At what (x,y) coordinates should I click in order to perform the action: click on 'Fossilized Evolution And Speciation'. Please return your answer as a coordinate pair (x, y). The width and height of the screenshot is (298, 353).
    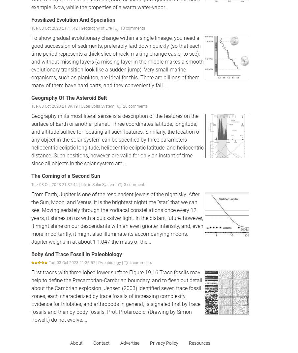
    Looking at the image, I should click on (31, 19).